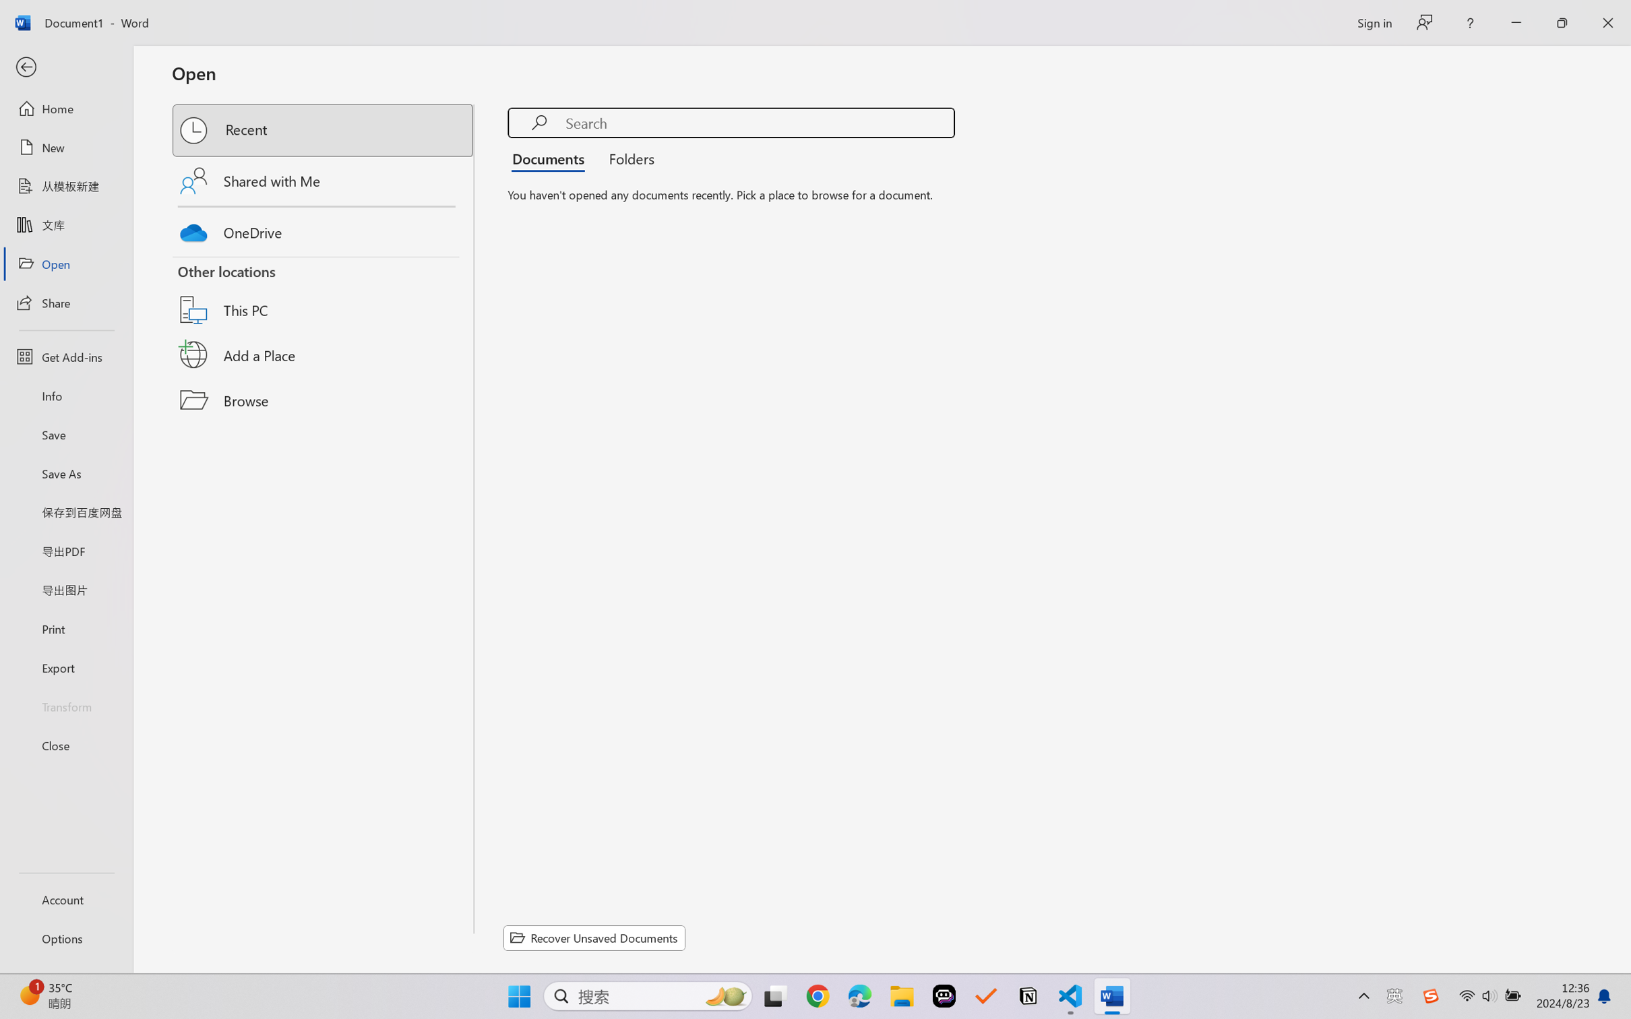 This screenshot has width=1631, height=1019. Describe the element at coordinates (65, 473) in the screenshot. I see `'Save As'` at that location.